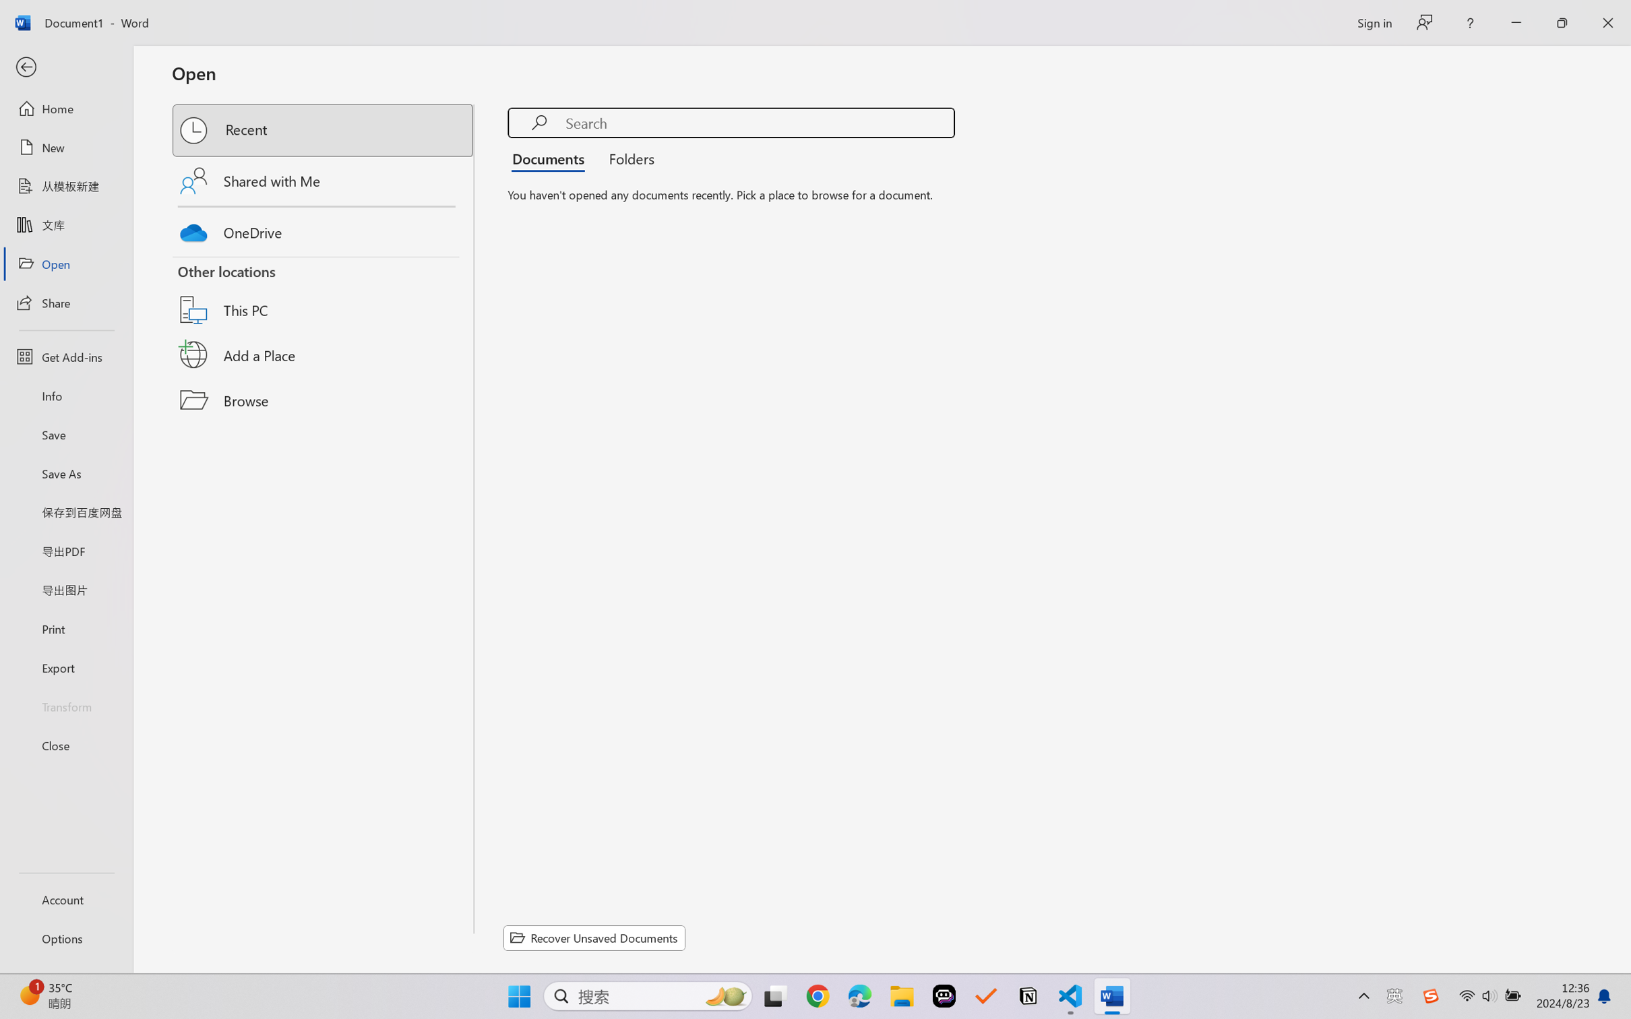 This screenshot has width=1631, height=1019. Describe the element at coordinates (65, 473) in the screenshot. I see `'Save As'` at that location.